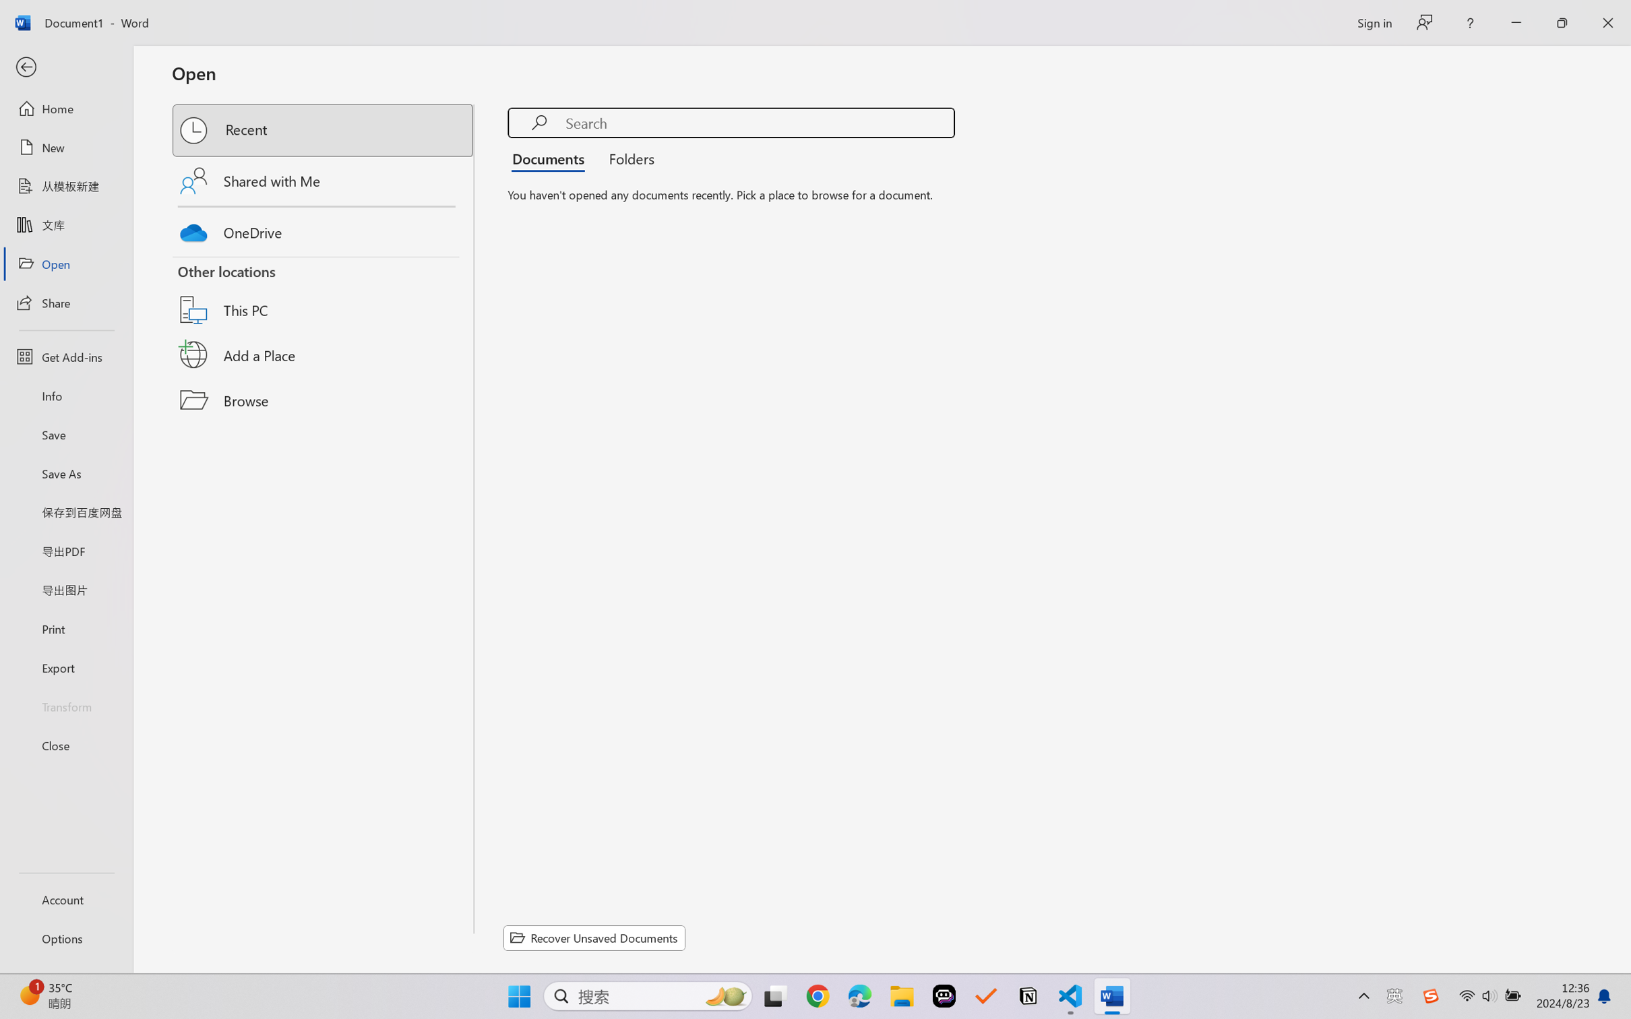 This screenshot has width=1631, height=1019. Describe the element at coordinates (65, 473) in the screenshot. I see `'Save As'` at that location.